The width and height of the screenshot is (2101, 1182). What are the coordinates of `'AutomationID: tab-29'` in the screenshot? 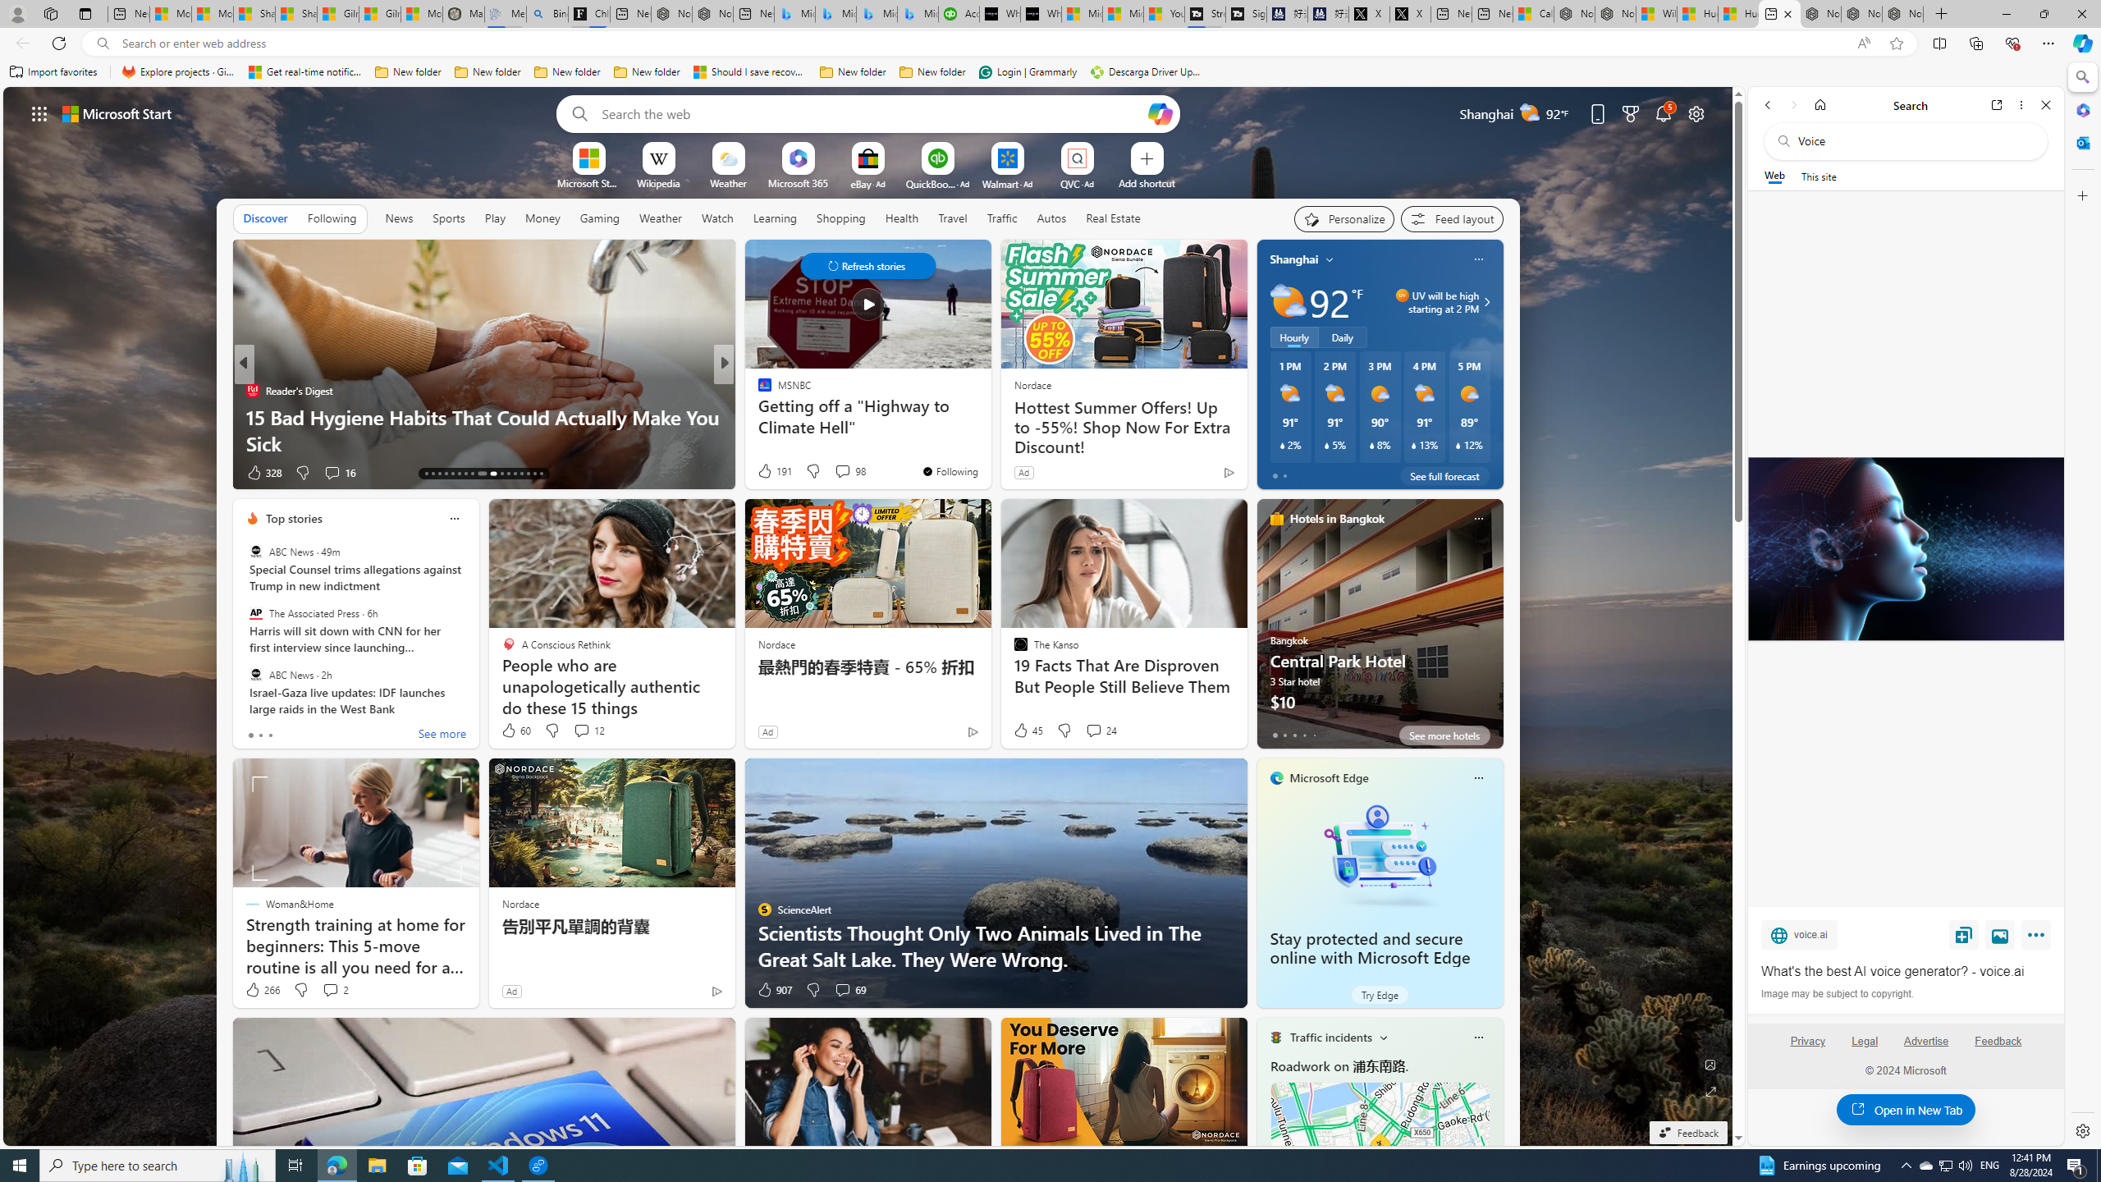 It's located at (541, 474).